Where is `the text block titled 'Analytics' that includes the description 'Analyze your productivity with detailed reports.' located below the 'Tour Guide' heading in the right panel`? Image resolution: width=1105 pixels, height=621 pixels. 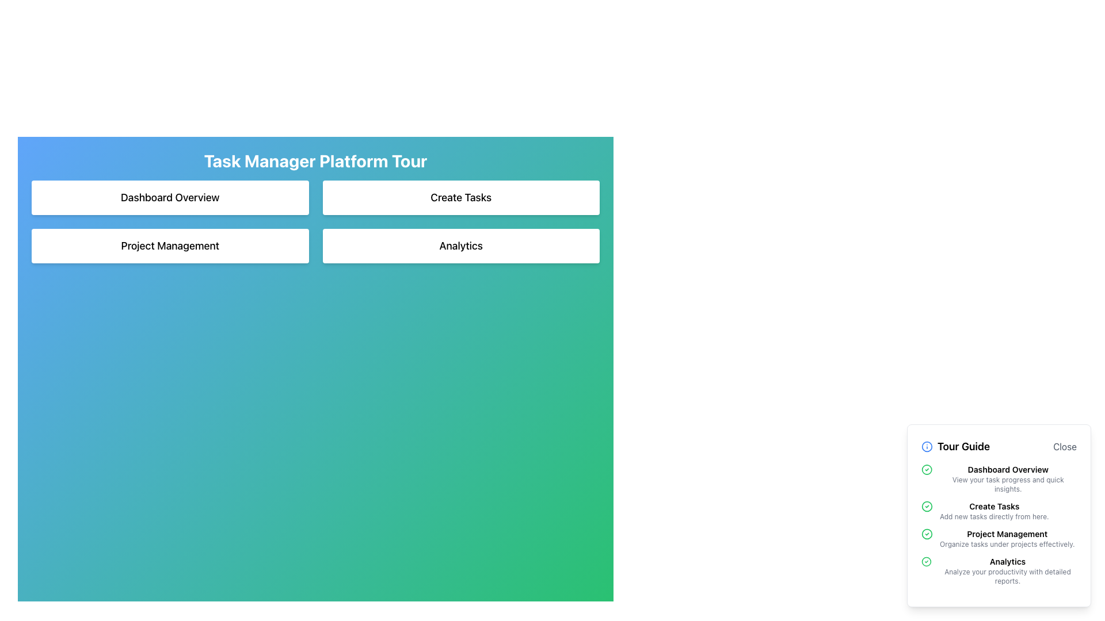
the text block titled 'Analytics' that includes the description 'Analyze your productivity with detailed reports.' located below the 'Tour Guide' heading in the right panel is located at coordinates (1007, 570).